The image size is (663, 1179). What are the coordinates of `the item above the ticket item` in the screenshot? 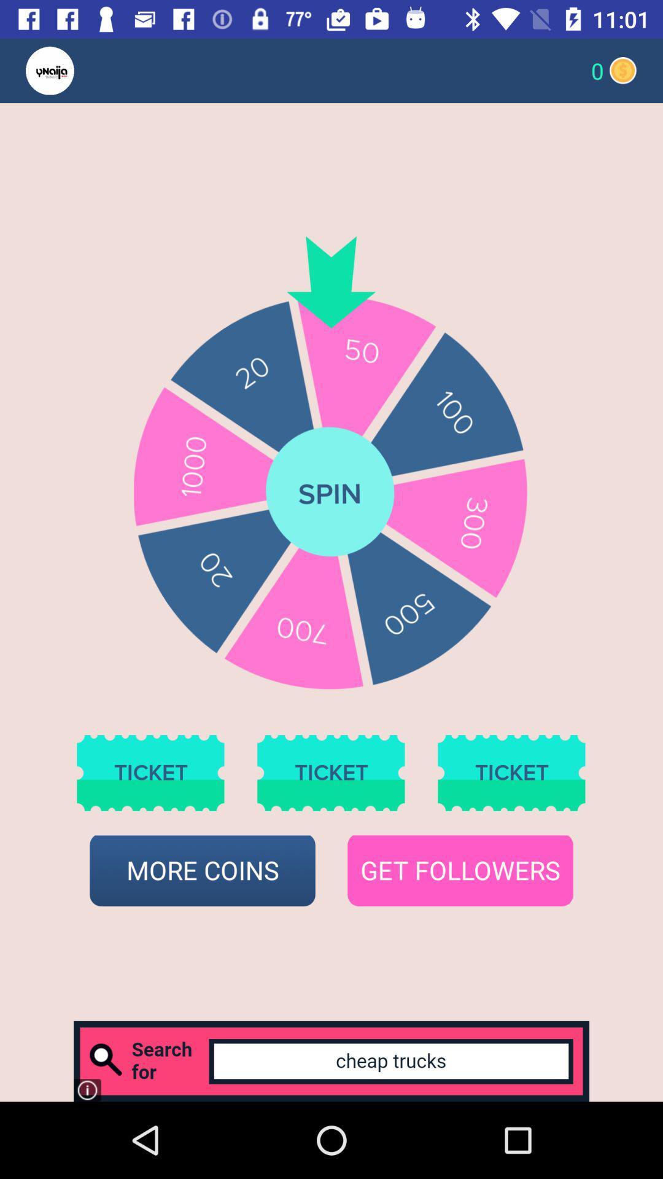 It's located at (74, 70).